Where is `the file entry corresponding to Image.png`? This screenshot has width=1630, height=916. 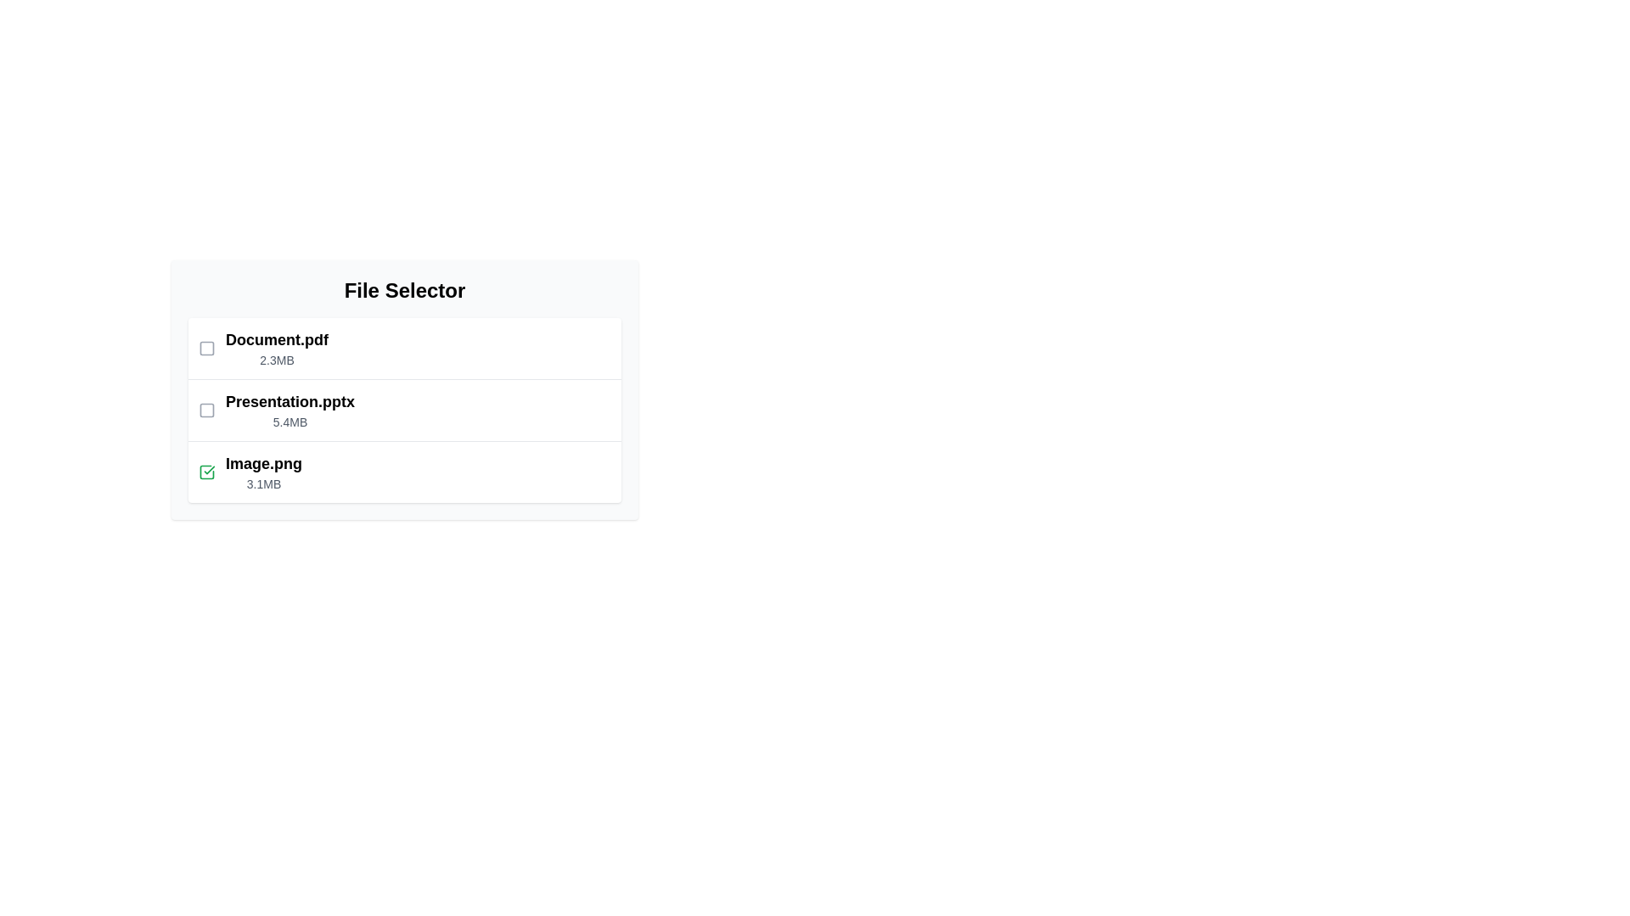 the file entry corresponding to Image.png is located at coordinates (403, 472).